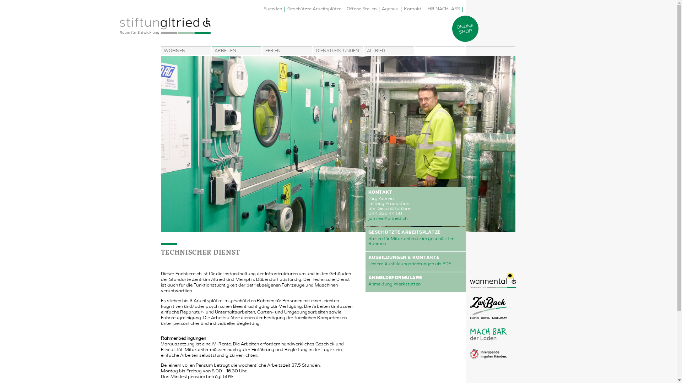  Describe the element at coordinates (237, 51) in the screenshot. I see `'ARBEITEN'` at that location.